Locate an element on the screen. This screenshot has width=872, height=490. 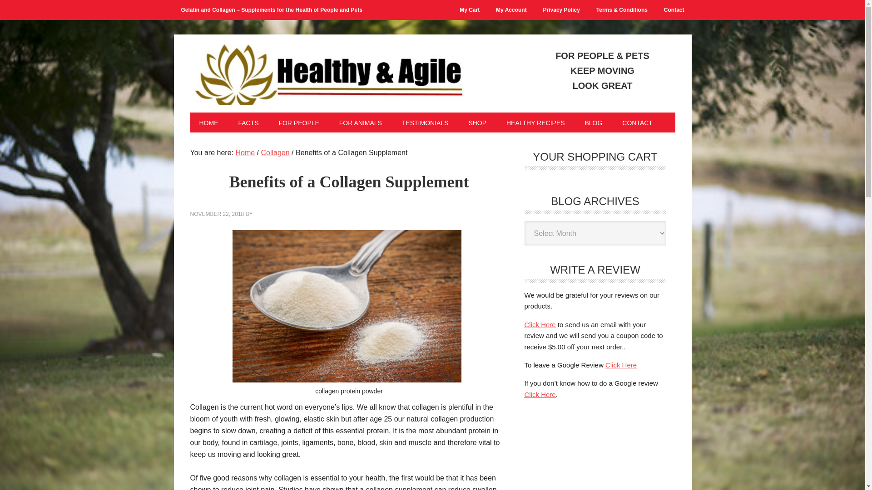
'SHOP' is located at coordinates (477, 122).